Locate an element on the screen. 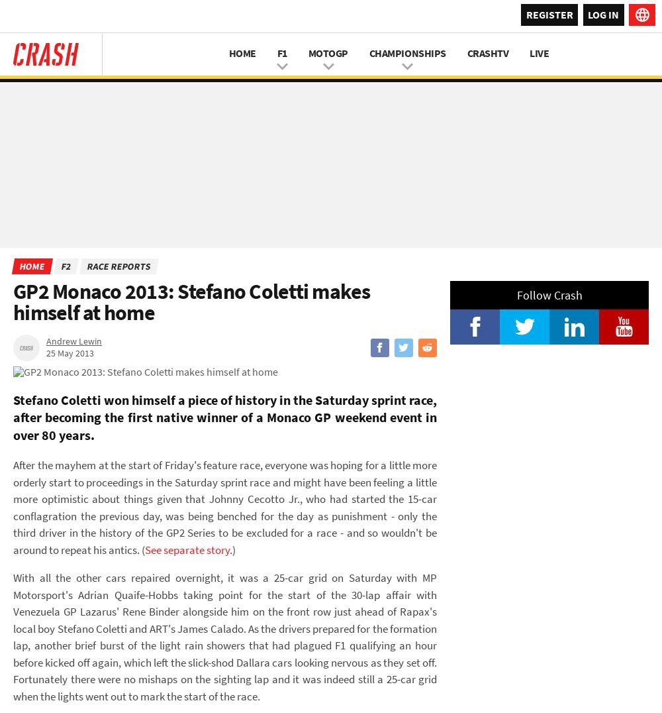 The width and height of the screenshot is (662, 713). '25 May 2013' is located at coordinates (46, 353).